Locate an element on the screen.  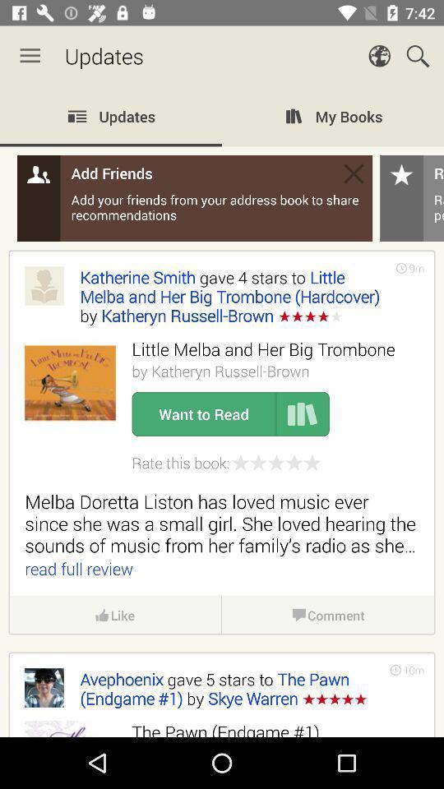
the rate this book: is located at coordinates (179, 463).